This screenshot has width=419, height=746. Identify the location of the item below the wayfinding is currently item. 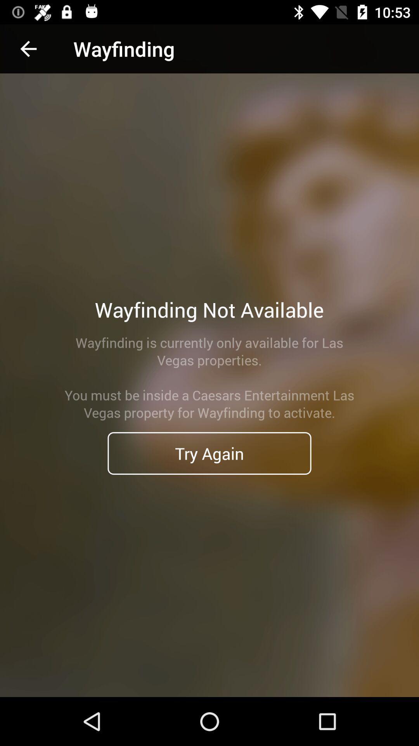
(209, 453).